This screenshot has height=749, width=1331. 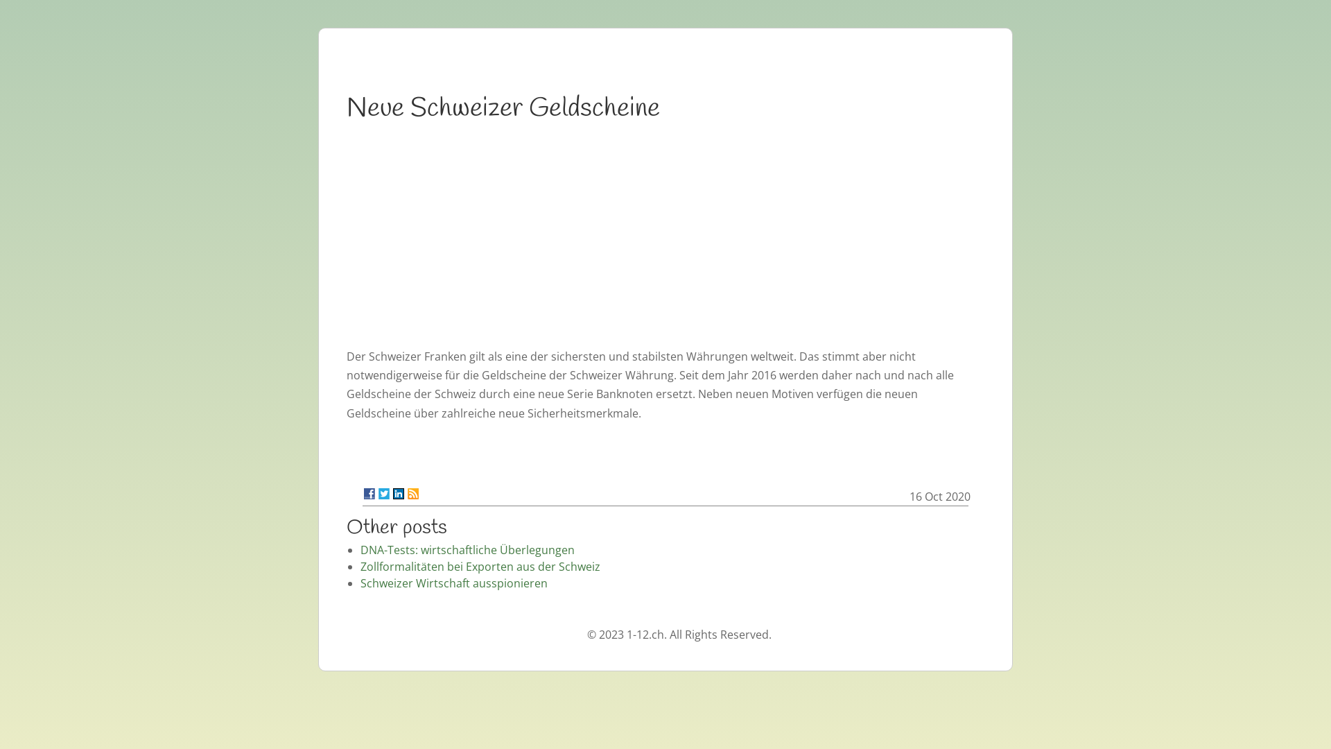 What do you see at coordinates (392, 493) in the screenshot?
I see `'LinkedIn'` at bounding box center [392, 493].